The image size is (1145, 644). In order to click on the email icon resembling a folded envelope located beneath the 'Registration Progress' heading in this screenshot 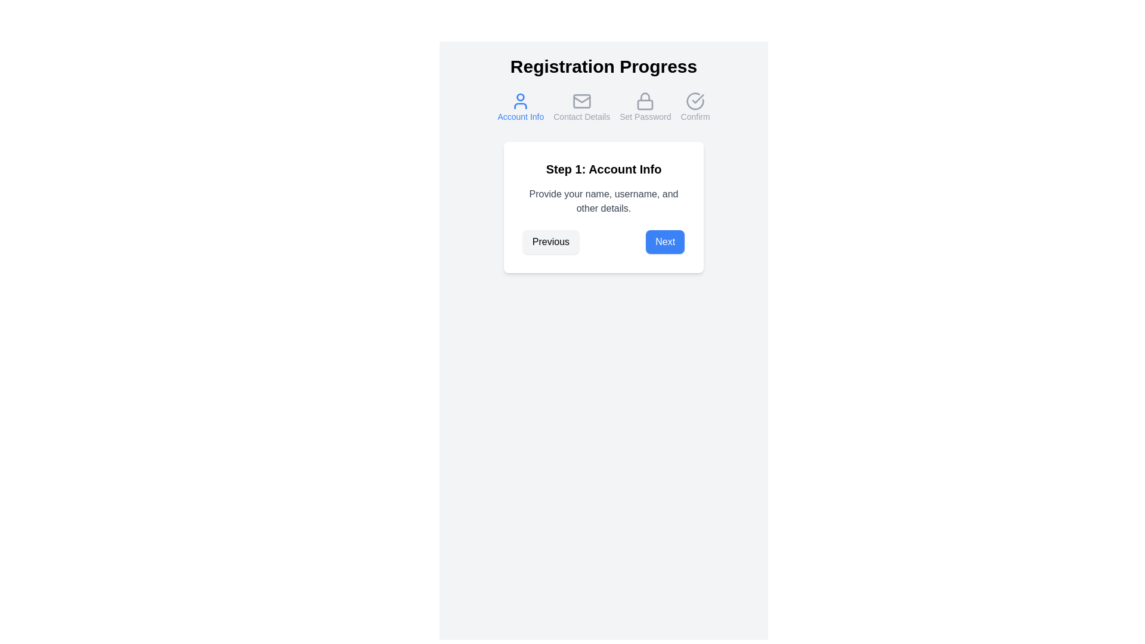, I will do `click(581, 99)`.